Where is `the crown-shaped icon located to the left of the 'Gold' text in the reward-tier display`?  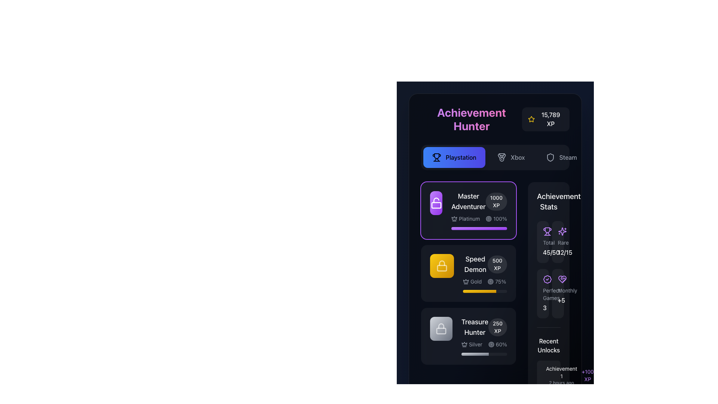 the crown-shaped icon located to the left of the 'Gold' text in the reward-tier display is located at coordinates (466, 281).